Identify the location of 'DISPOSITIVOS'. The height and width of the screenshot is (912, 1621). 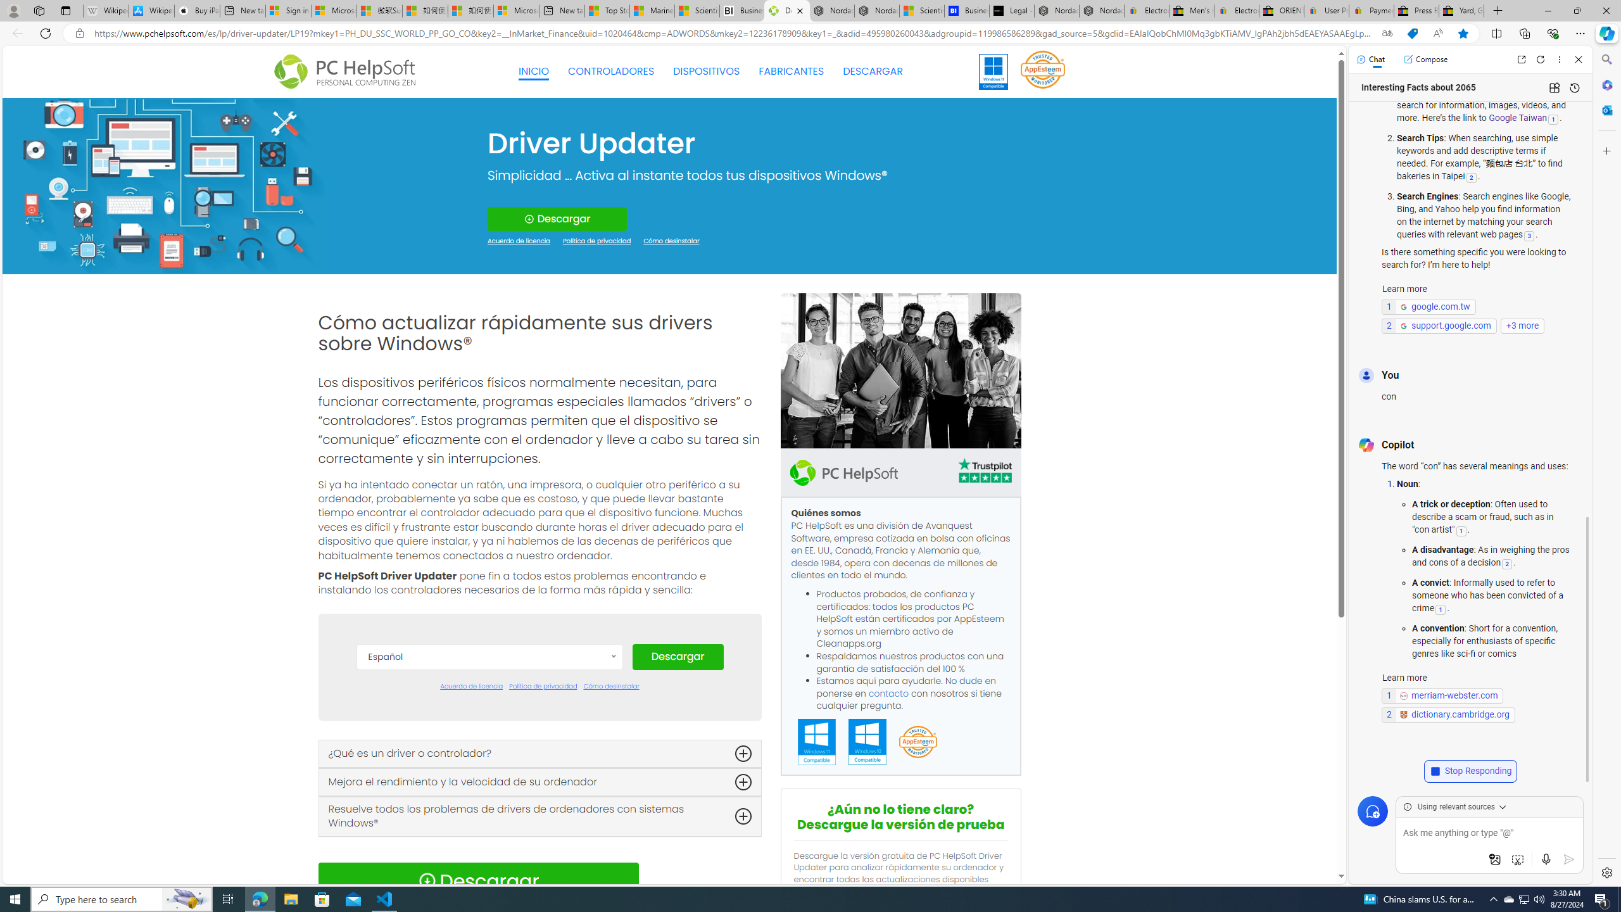
(707, 71).